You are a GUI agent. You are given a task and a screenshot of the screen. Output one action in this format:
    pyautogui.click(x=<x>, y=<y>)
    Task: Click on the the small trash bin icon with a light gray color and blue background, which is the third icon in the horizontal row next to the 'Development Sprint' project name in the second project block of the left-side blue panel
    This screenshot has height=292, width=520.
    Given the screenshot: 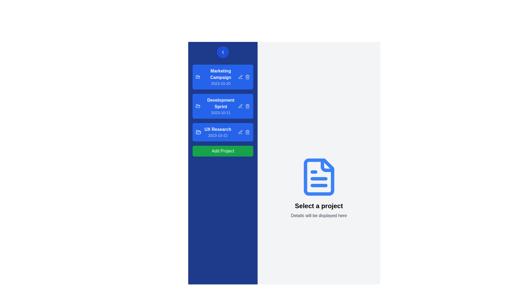 What is the action you would take?
    pyautogui.click(x=247, y=106)
    